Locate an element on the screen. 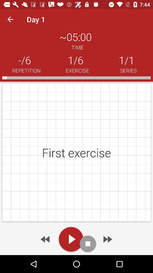 This screenshot has width=153, height=273. go forward is located at coordinates (107, 239).